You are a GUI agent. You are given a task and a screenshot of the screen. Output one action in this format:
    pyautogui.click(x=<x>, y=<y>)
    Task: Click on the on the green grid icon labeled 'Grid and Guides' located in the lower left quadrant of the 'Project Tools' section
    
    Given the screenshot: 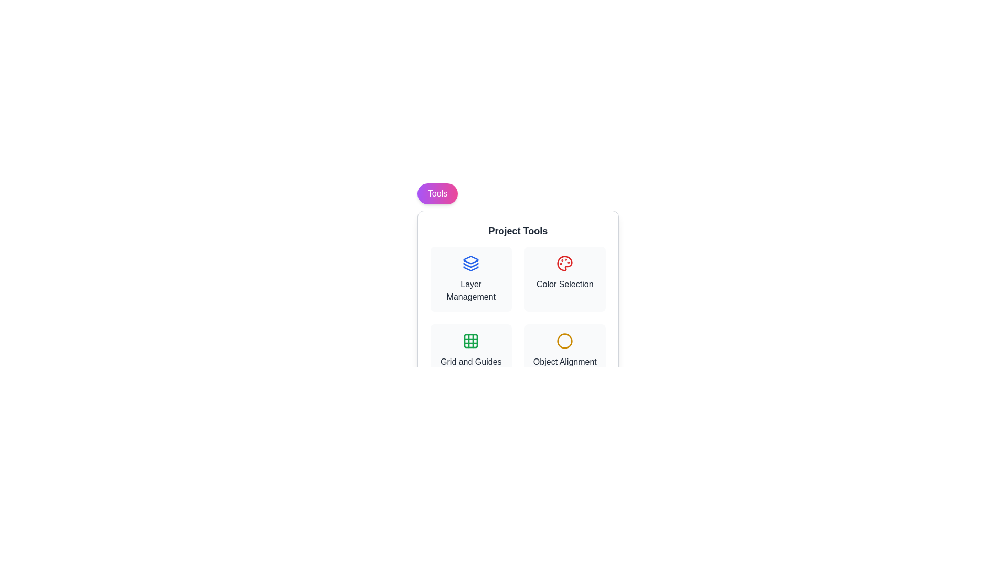 What is the action you would take?
    pyautogui.click(x=470, y=341)
    